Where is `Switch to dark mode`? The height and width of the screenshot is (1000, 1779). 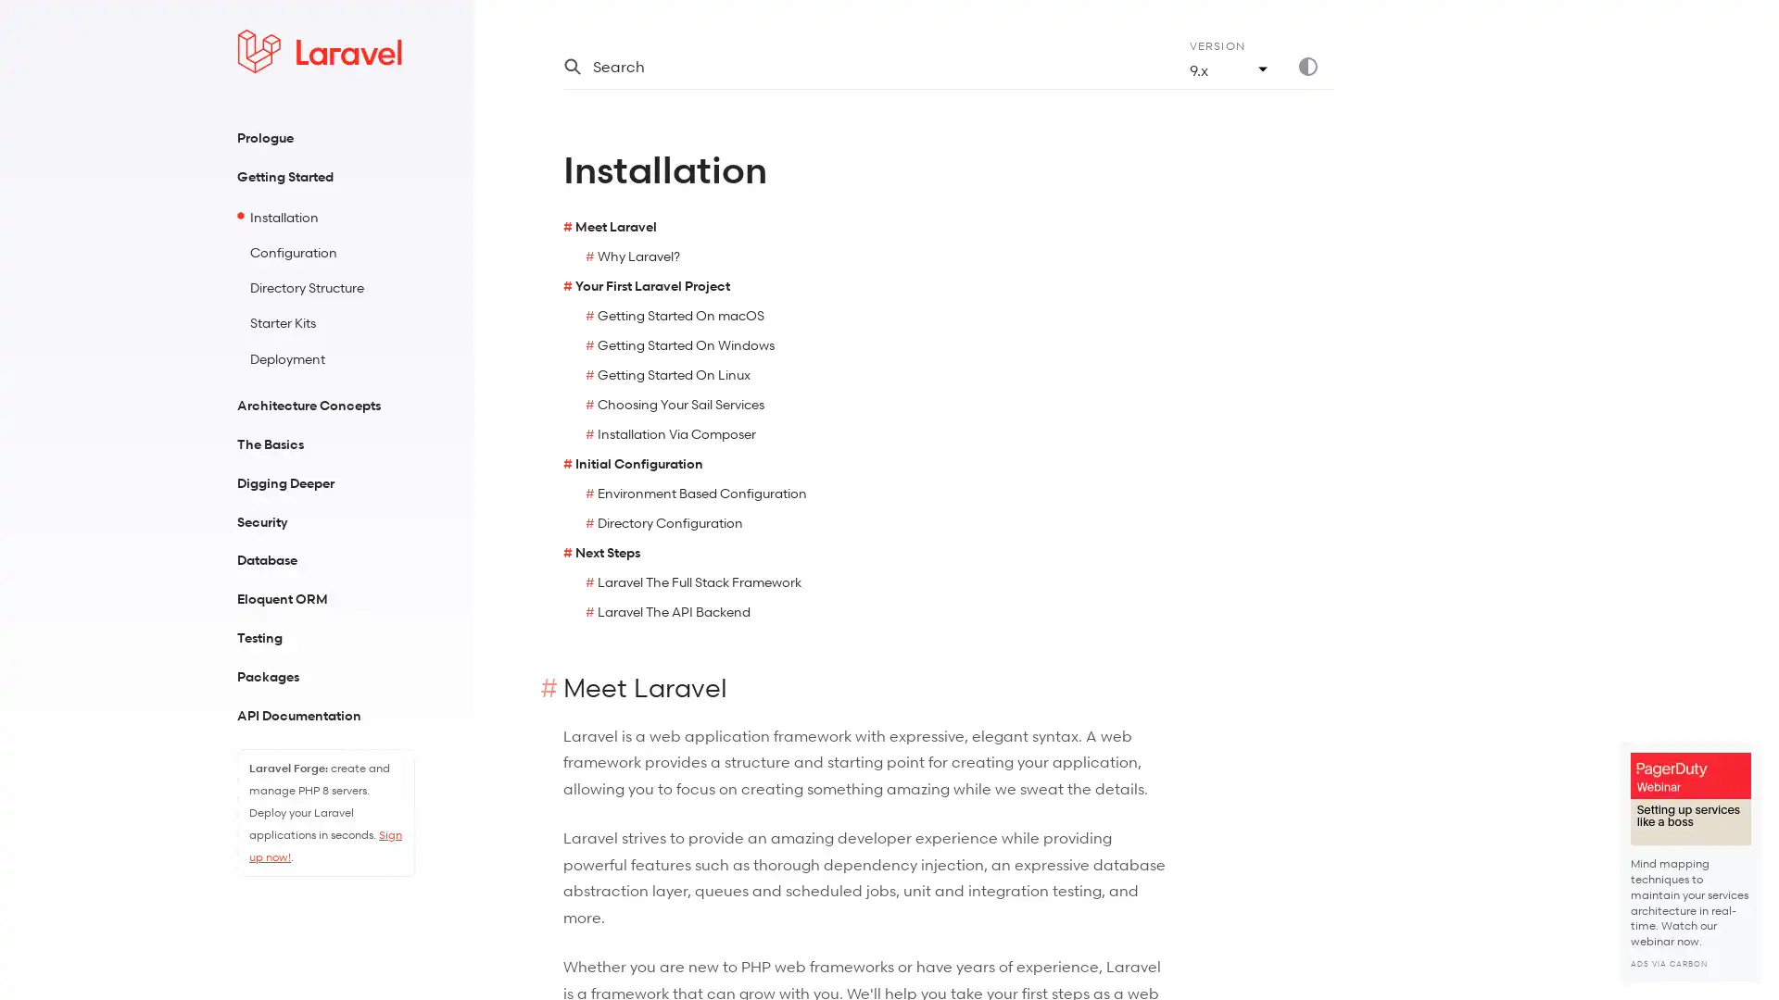
Switch to dark mode is located at coordinates (1315, 66).